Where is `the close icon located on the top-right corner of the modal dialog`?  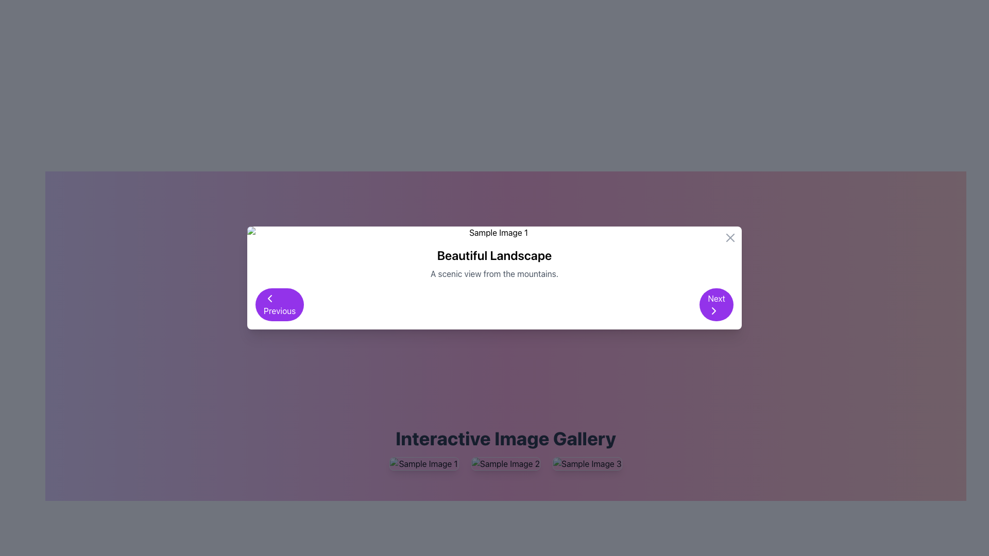 the close icon located on the top-right corner of the modal dialog is located at coordinates (729, 238).